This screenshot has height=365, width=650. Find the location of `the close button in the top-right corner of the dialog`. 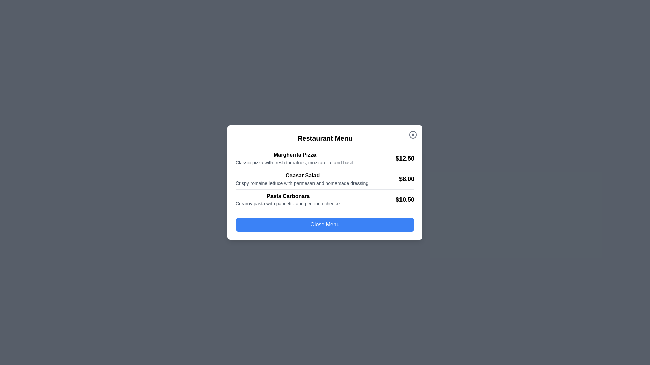

the close button in the top-right corner of the dialog is located at coordinates (412, 135).